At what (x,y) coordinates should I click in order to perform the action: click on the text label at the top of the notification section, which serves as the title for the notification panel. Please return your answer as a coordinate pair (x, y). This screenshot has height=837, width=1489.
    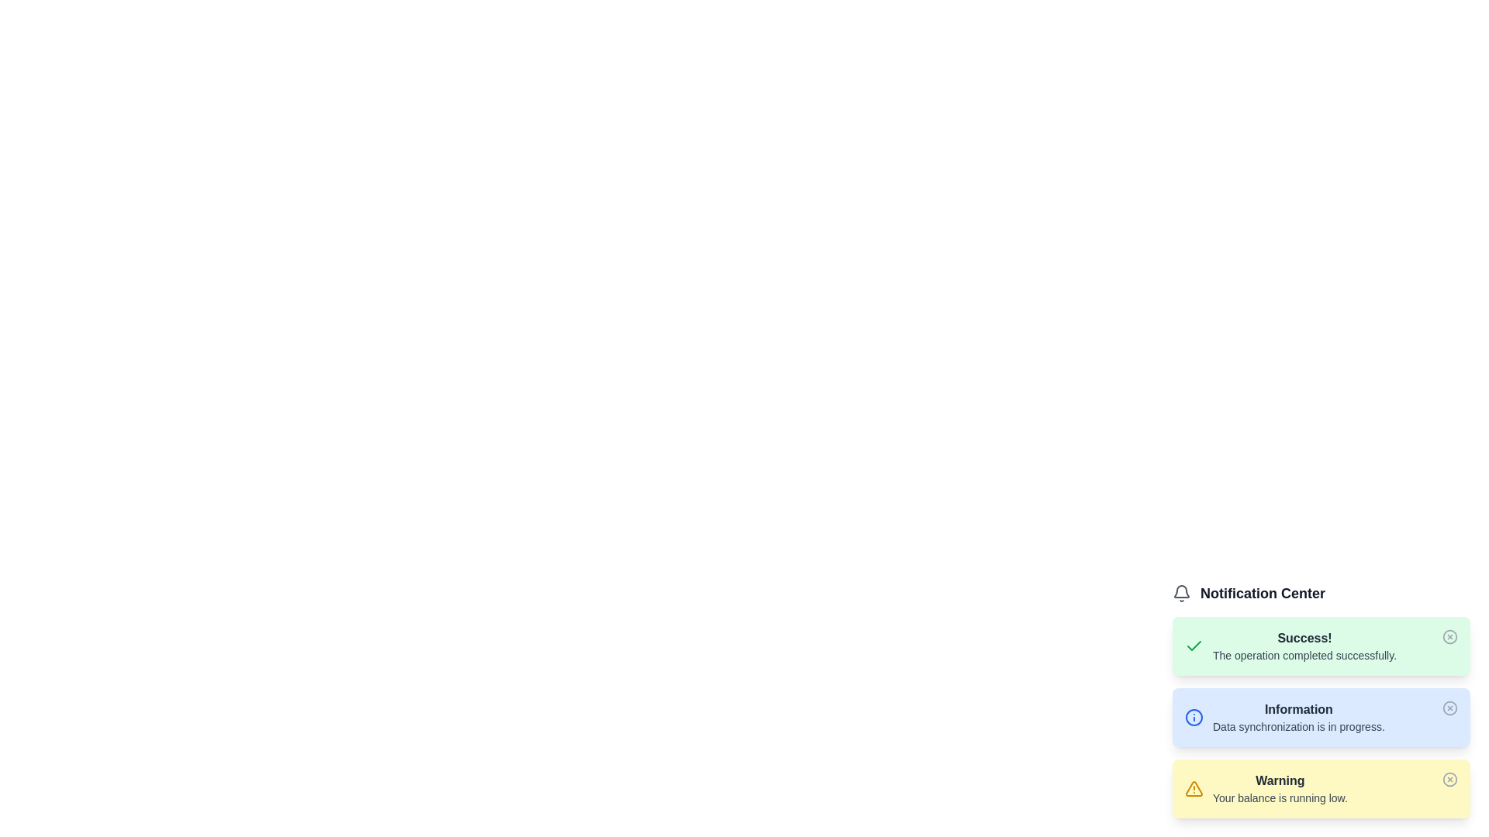
    Looking at the image, I should click on (1321, 593).